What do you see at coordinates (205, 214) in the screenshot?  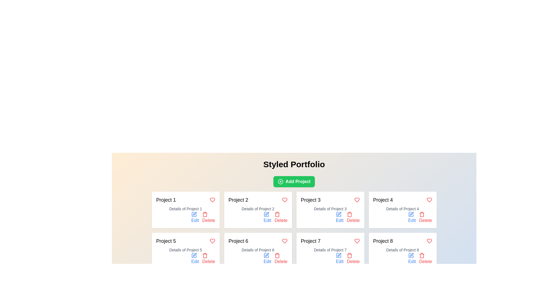 I see `the delete icon located in the lower section of the project card, which precedes the 'Delete' label, to initiate a delete action` at bounding box center [205, 214].